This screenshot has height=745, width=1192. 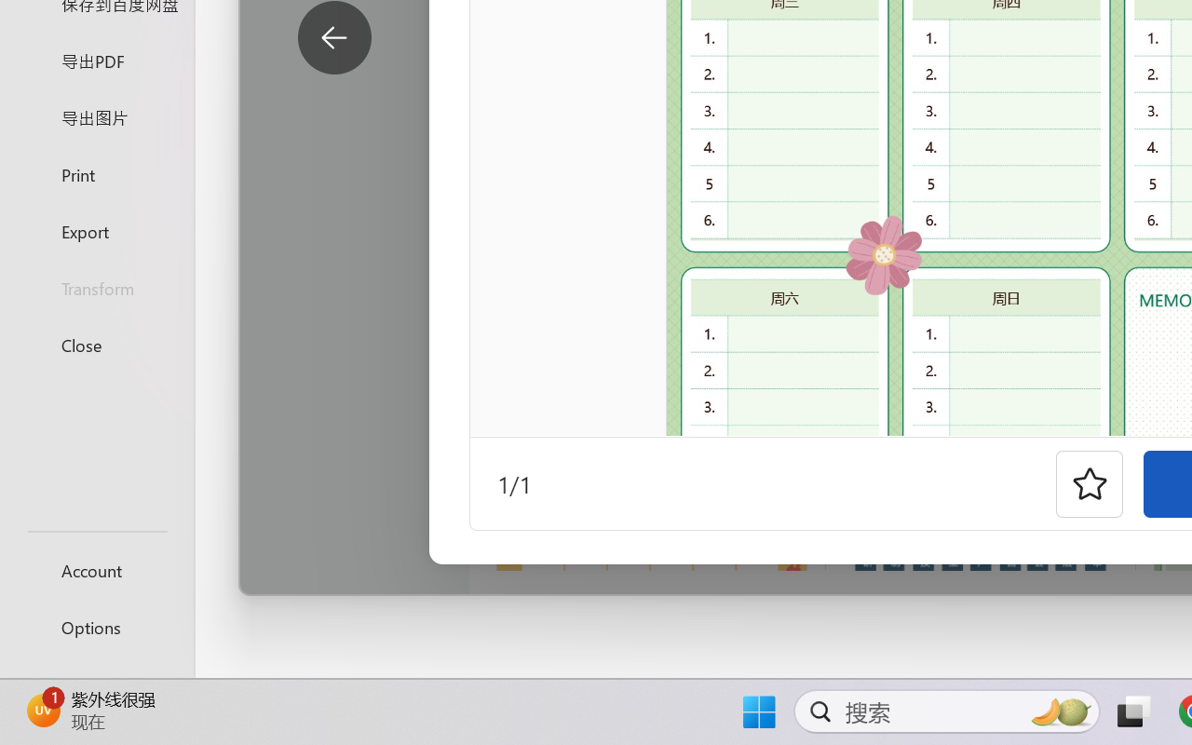 I want to click on 'Transform', so click(x=96, y=287).